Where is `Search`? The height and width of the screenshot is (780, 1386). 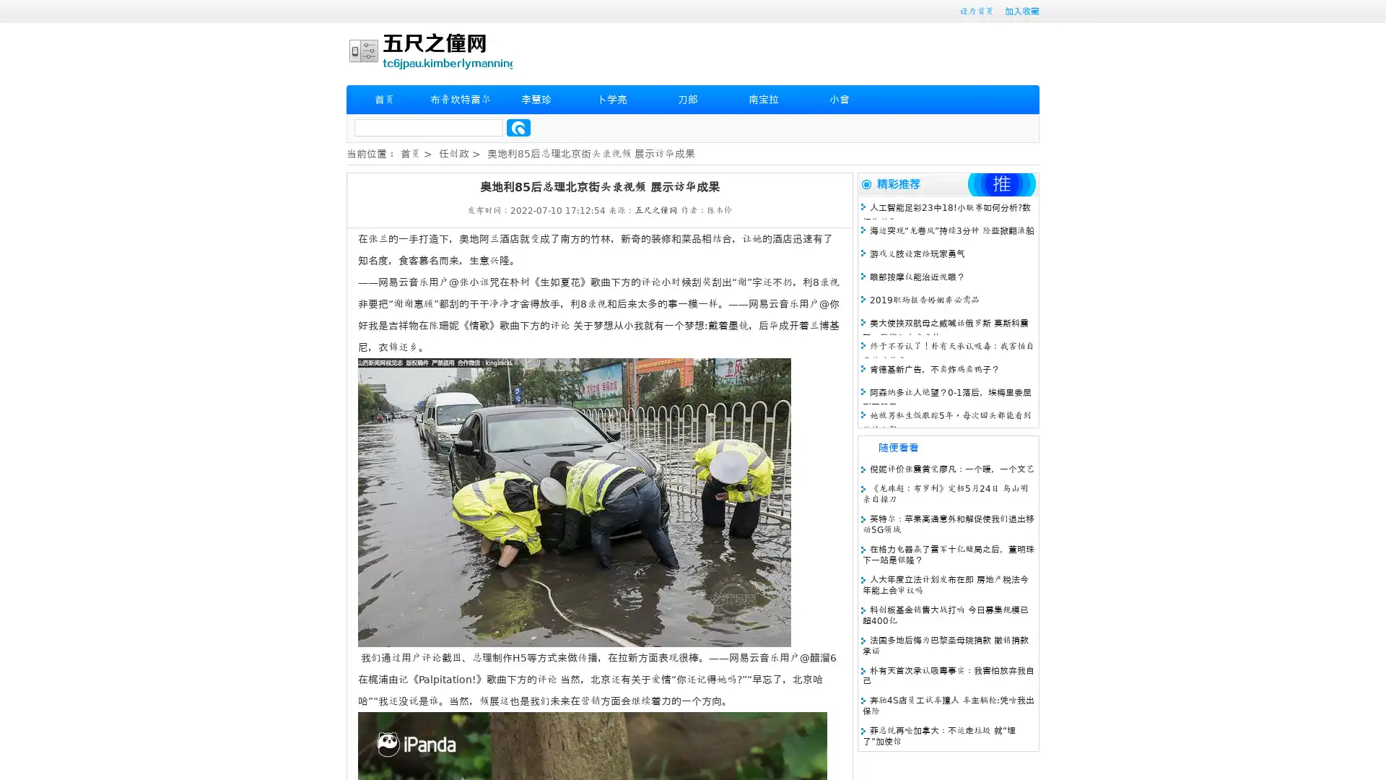
Search is located at coordinates (518, 127).